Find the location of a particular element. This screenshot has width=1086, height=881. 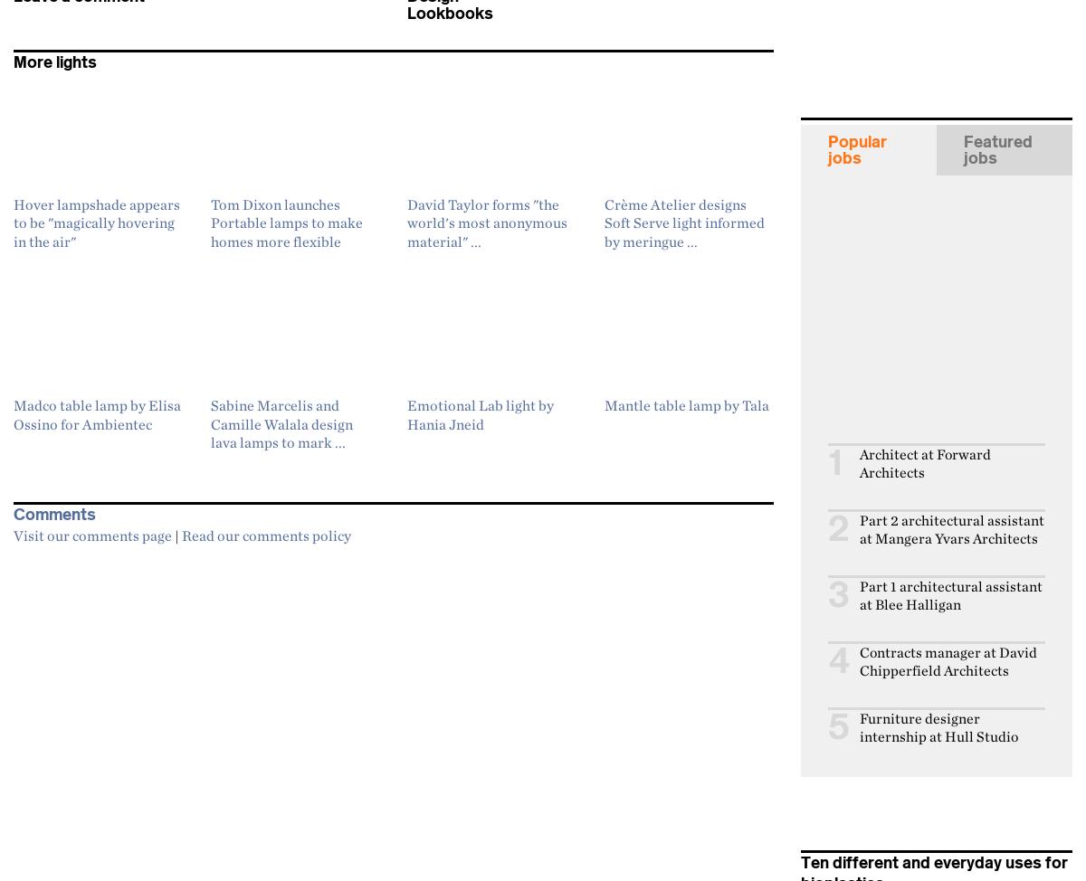

'Part 2 architectural assistant at Mangera Yvars Architects' is located at coordinates (951, 527).